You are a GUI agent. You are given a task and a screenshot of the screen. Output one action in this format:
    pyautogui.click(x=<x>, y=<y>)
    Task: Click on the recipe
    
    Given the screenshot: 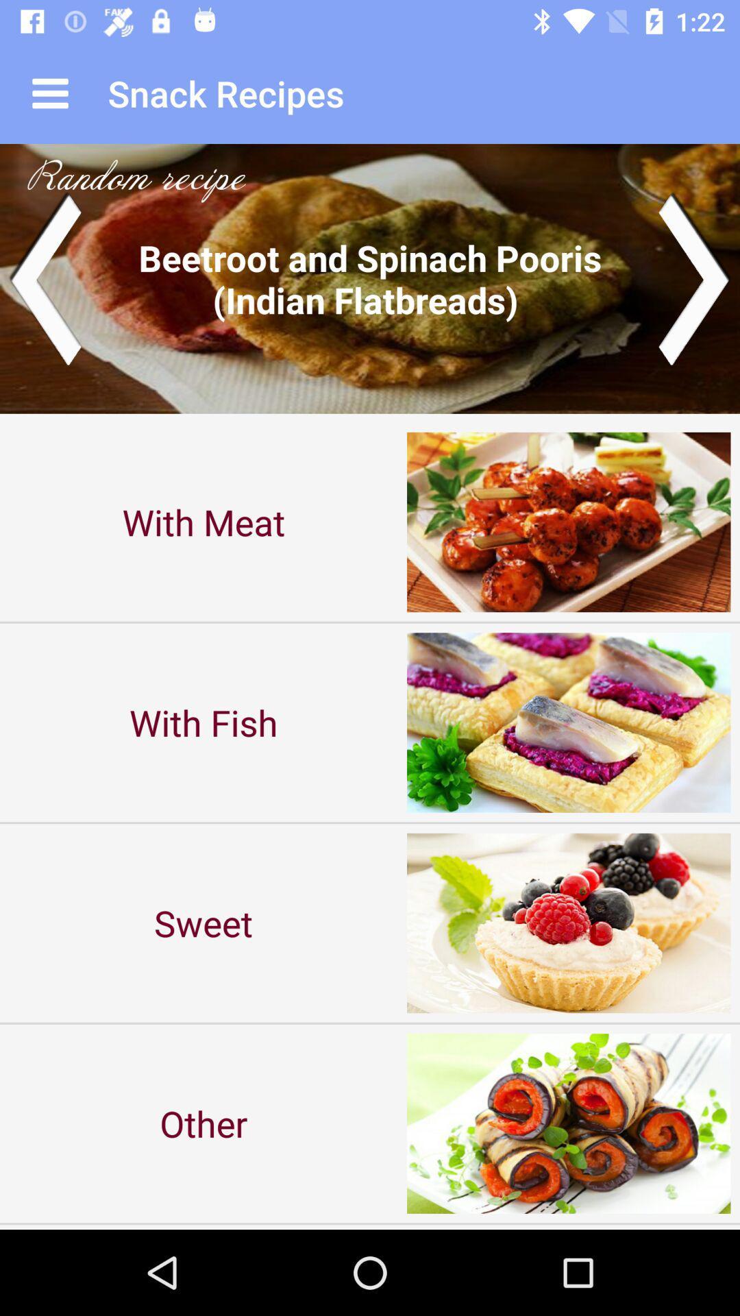 What is the action you would take?
    pyautogui.click(x=370, y=278)
    